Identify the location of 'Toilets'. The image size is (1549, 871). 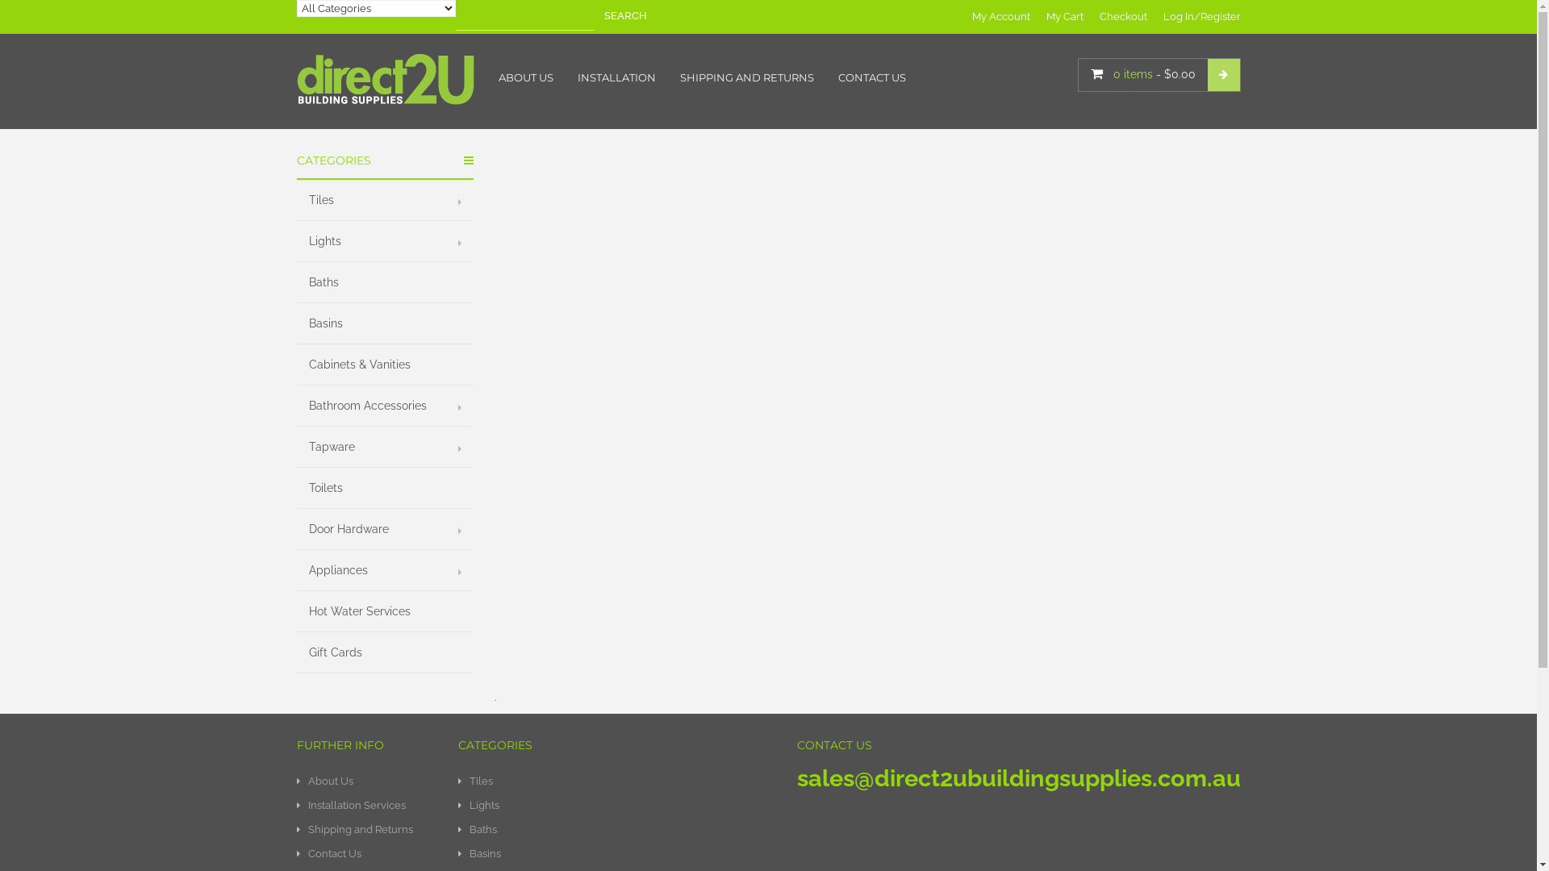
(385, 487).